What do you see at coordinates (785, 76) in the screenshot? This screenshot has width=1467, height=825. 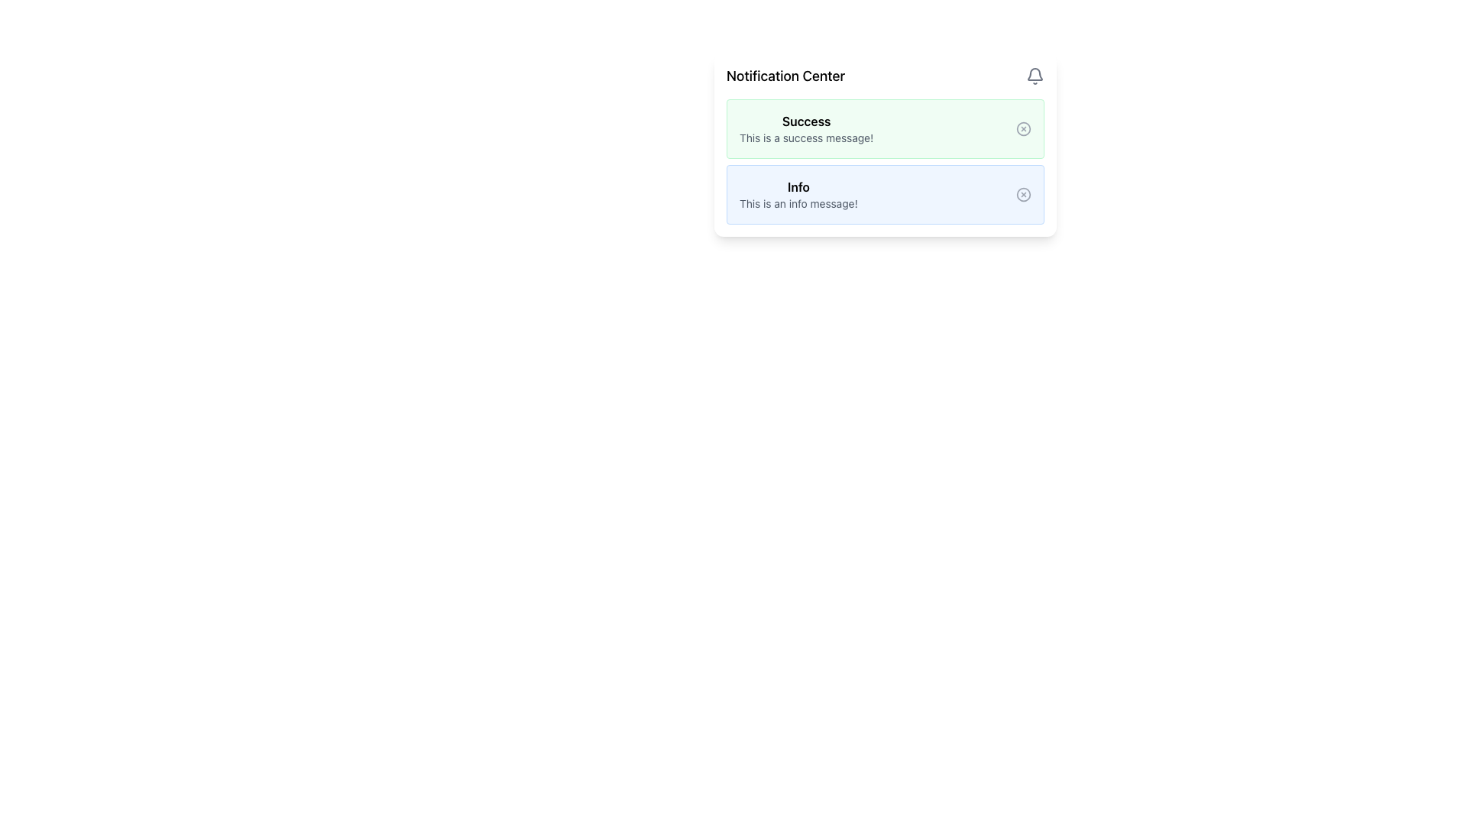 I see `the 'Notification Center' text label, which is a large, bold header displayed at the top of the notification panel` at bounding box center [785, 76].